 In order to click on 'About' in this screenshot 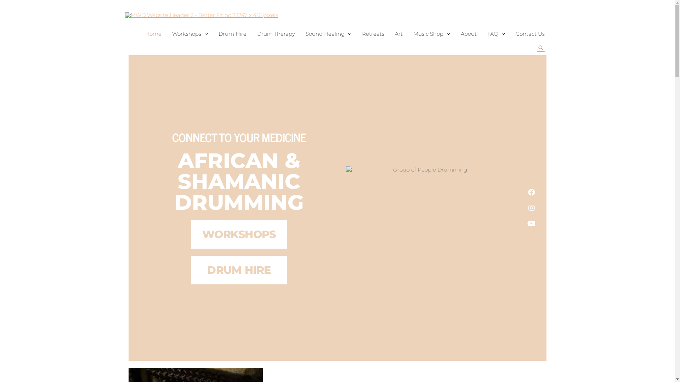, I will do `click(469, 34)`.